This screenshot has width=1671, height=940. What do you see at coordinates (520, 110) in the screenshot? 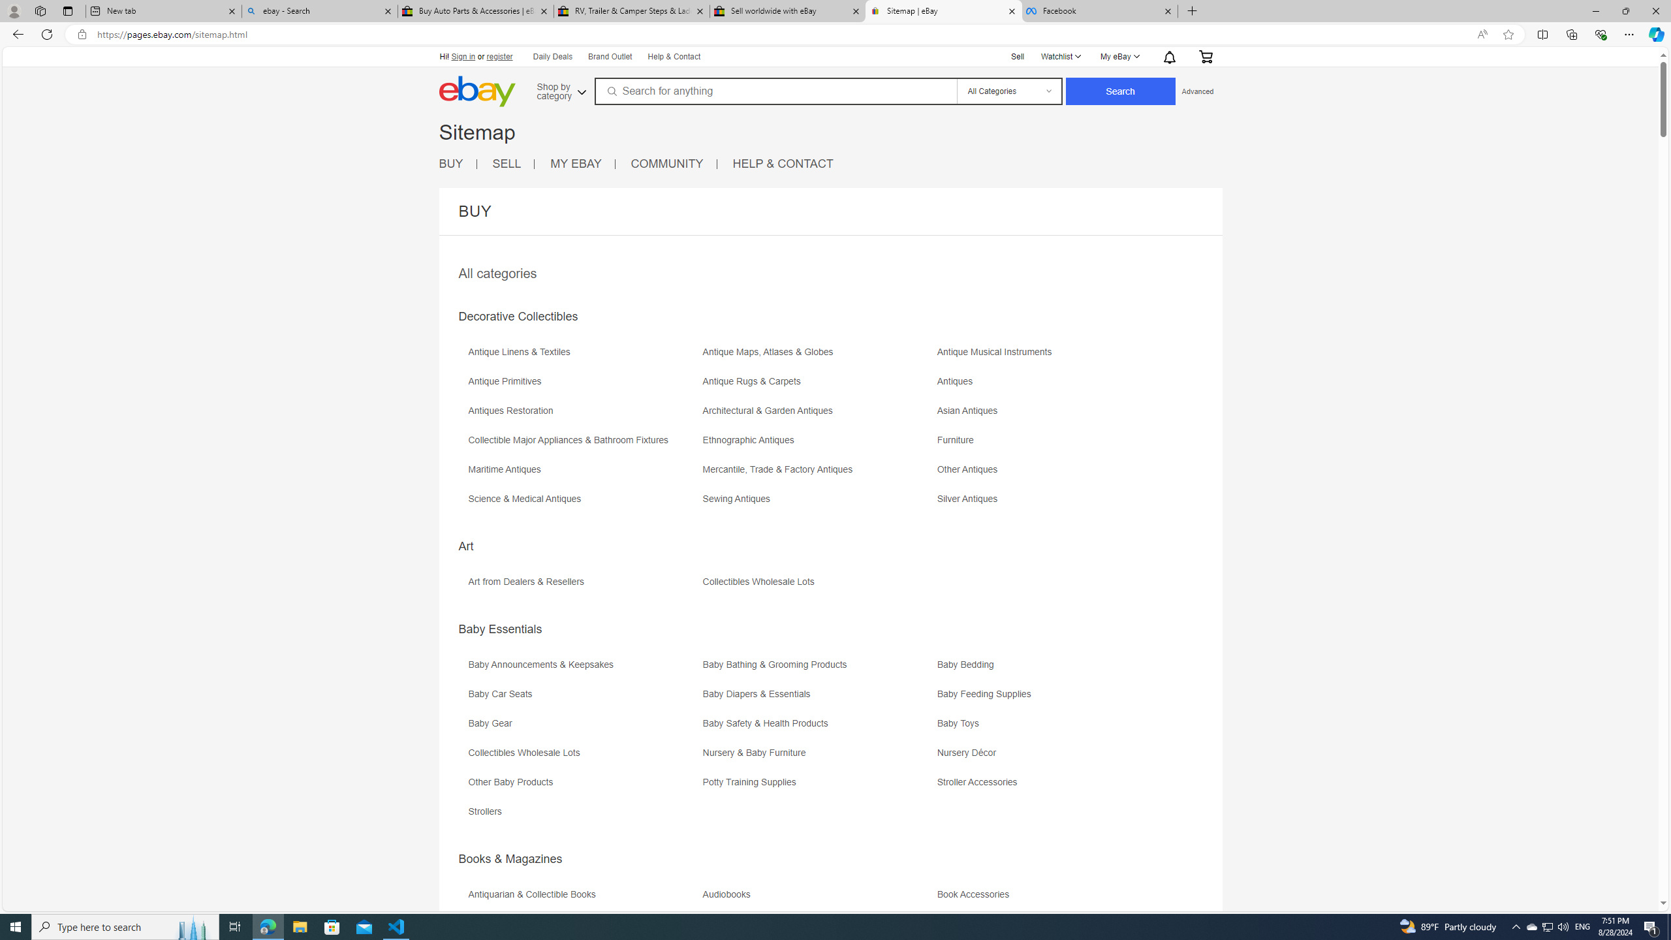
I see `'eBay Logo'` at bounding box center [520, 110].